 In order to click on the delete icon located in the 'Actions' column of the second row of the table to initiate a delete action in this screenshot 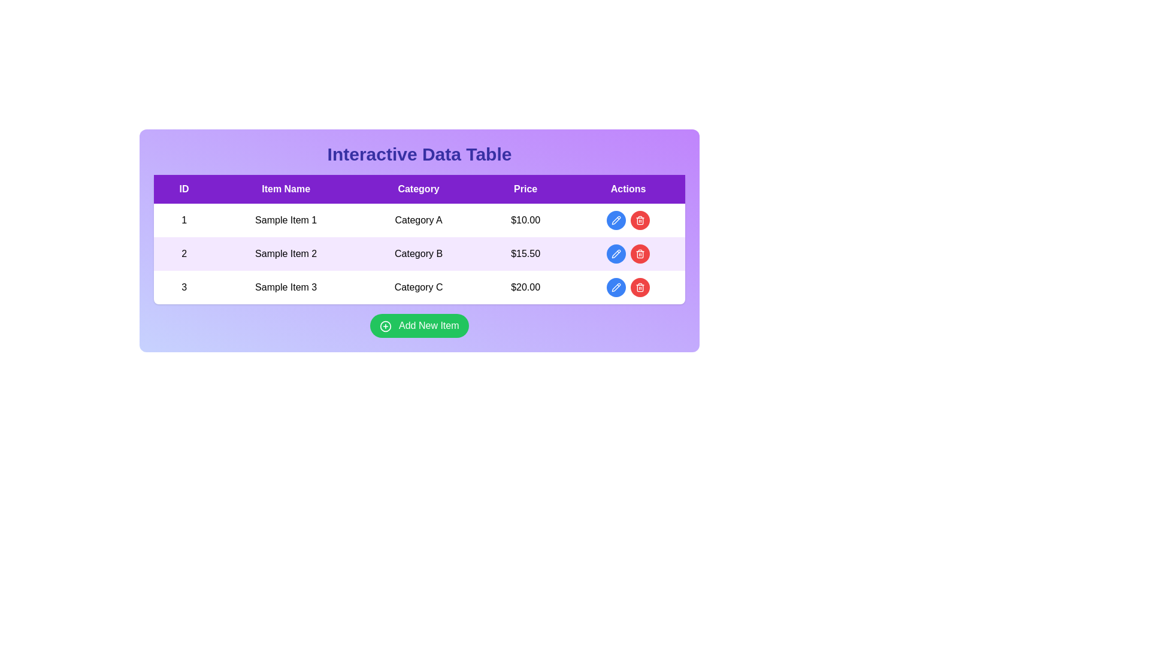, I will do `click(640, 253)`.